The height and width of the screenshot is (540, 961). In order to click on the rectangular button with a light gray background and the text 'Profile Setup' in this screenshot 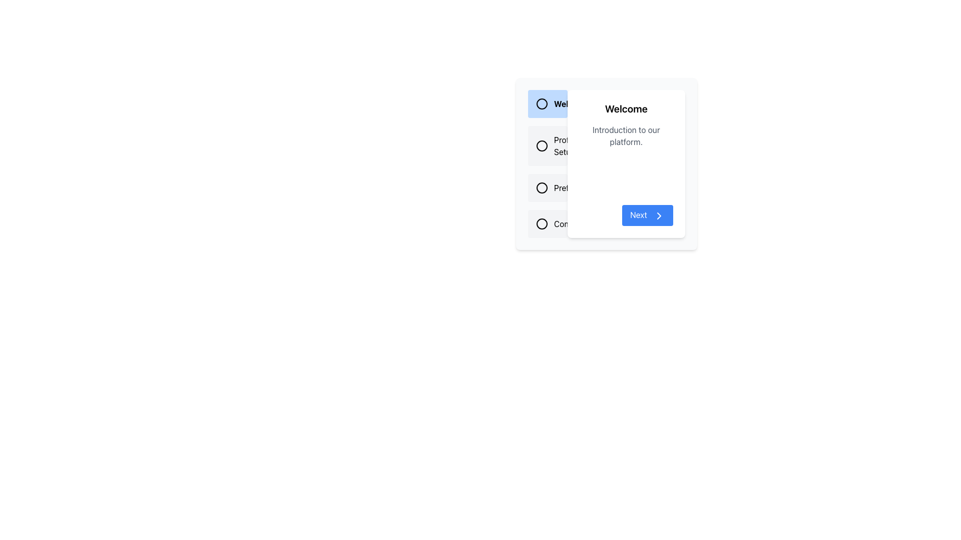, I will do `click(547, 146)`.